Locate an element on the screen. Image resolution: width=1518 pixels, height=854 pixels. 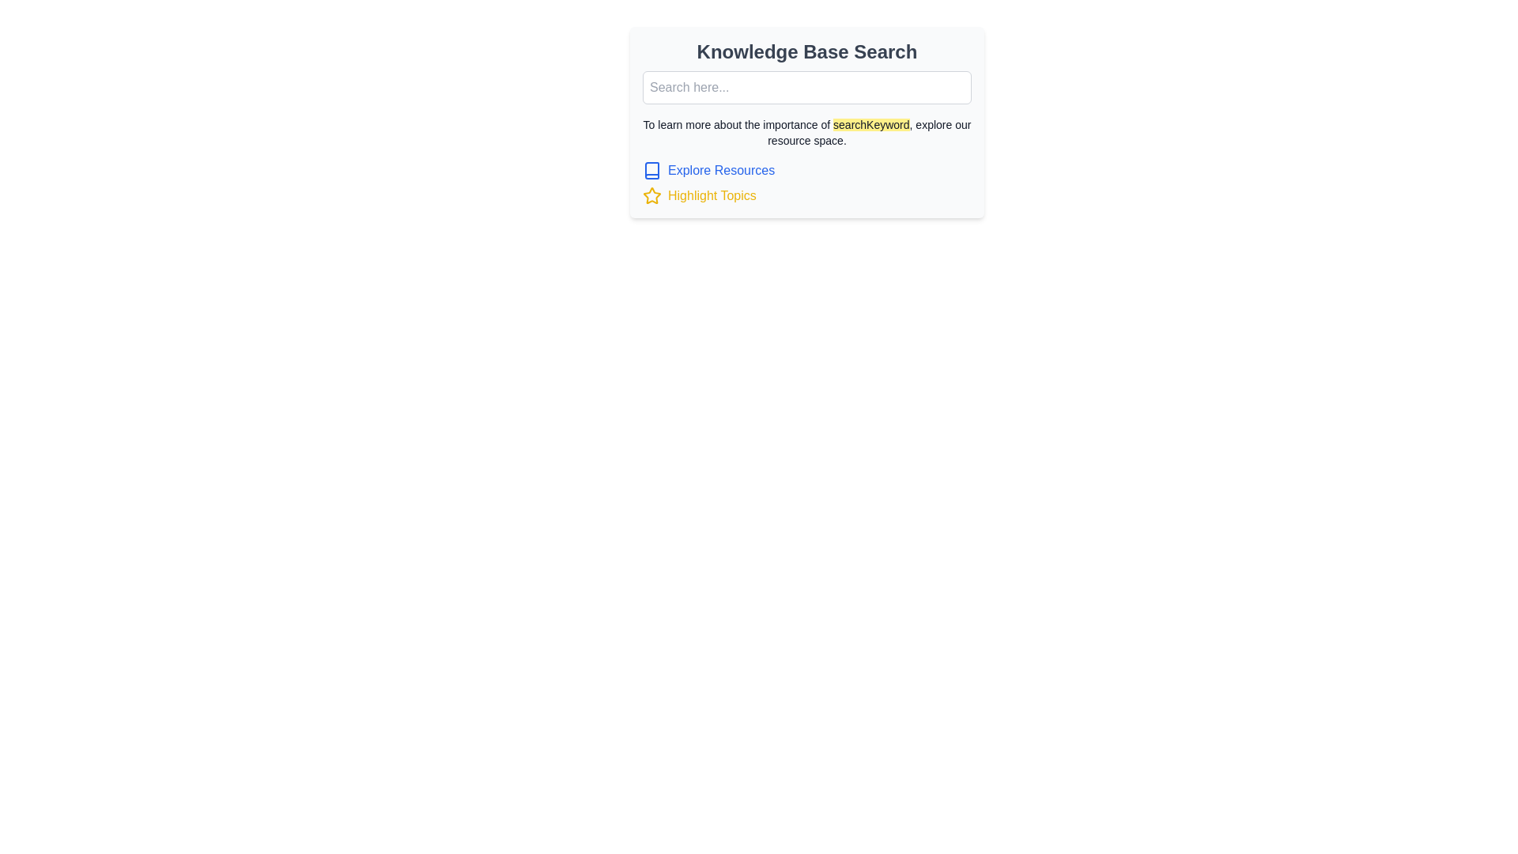
the icon that represents a symbolic indicator for highlighted topics, which is located to the left of the text 'Highlight Topics' is located at coordinates (652, 195).